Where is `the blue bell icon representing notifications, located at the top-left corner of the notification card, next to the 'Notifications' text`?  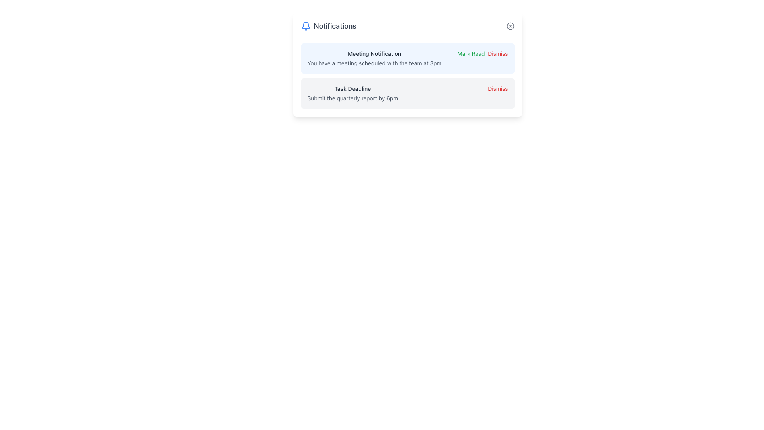
the blue bell icon representing notifications, located at the top-left corner of the notification card, next to the 'Notifications' text is located at coordinates (305, 25).